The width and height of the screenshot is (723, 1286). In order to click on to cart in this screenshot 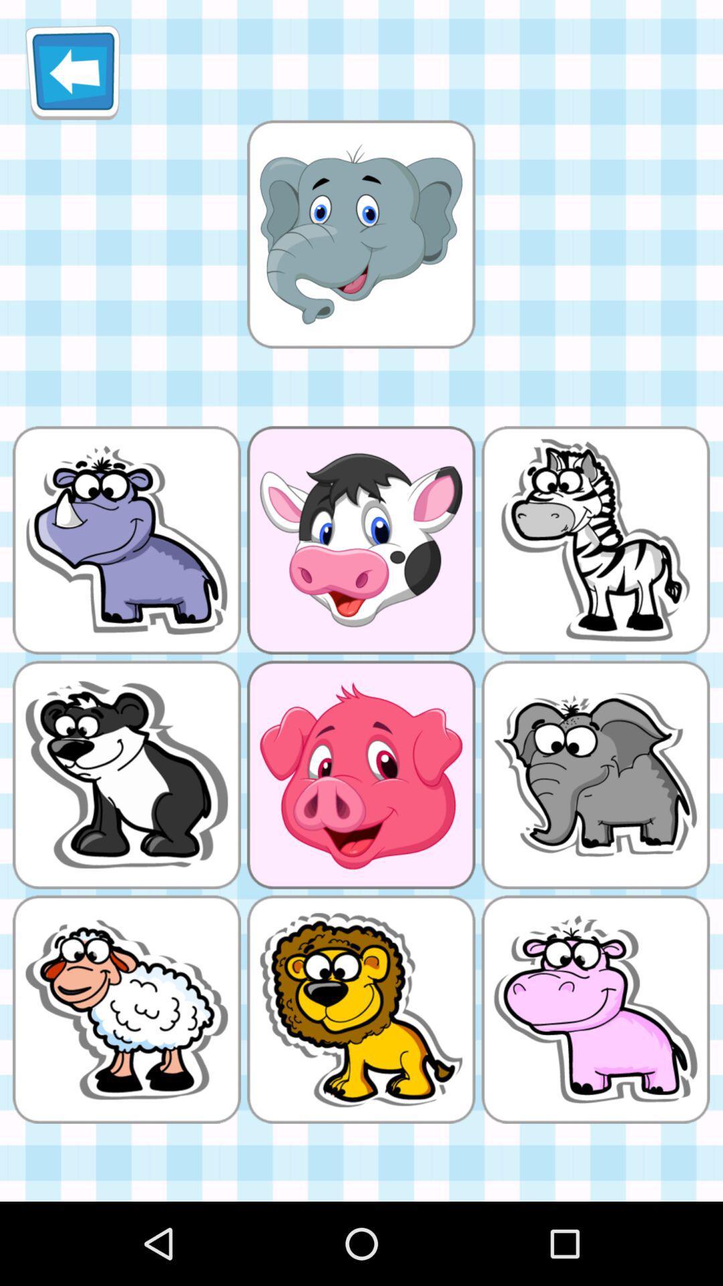, I will do `click(360, 234)`.